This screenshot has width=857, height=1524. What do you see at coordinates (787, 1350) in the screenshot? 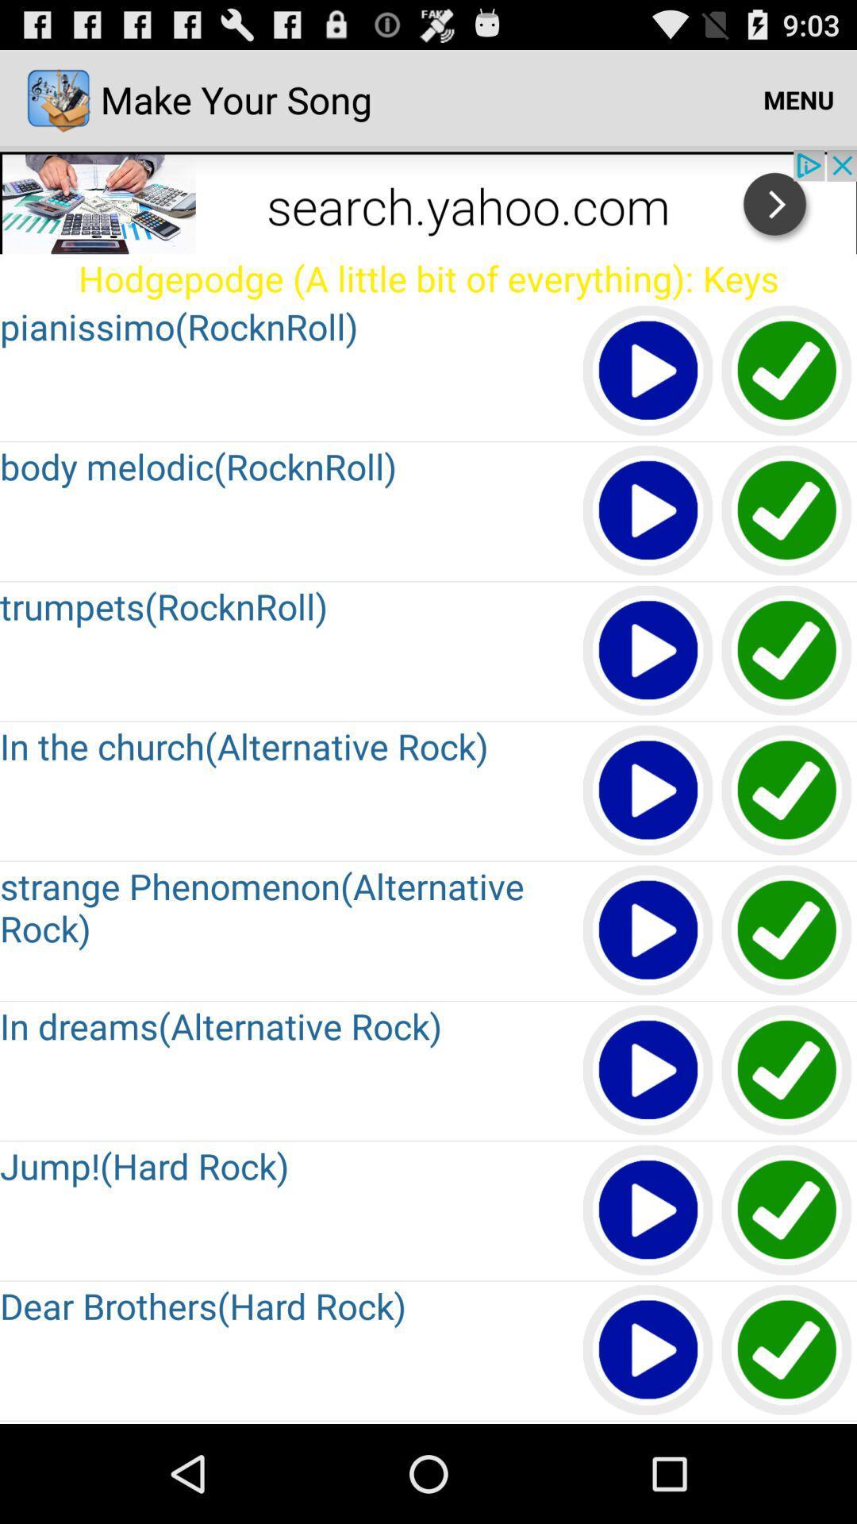
I see `the audio` at bounding box center [787, 1350].